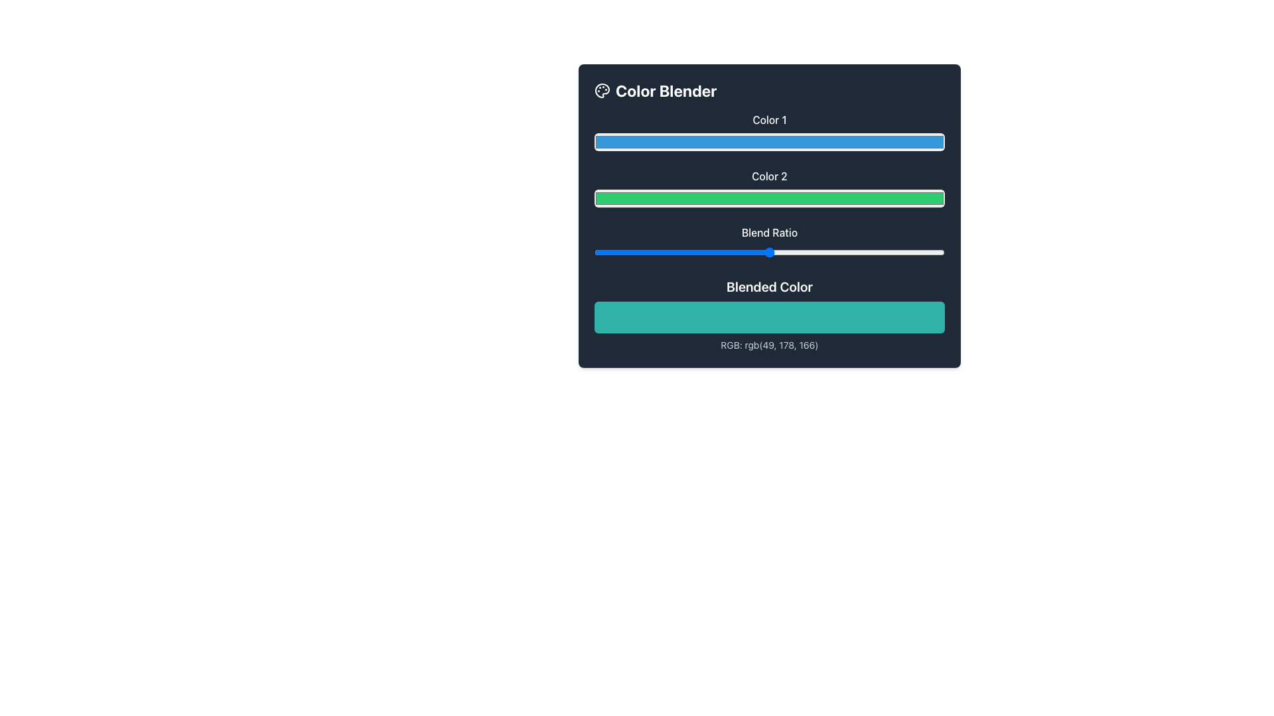  Describe the element at coordinates (770, 176) in the screenshot. I see `the text label reading 'Color 2', which is styled with a medium font weight and is white against a dark background, located above a green color input box` at that location.